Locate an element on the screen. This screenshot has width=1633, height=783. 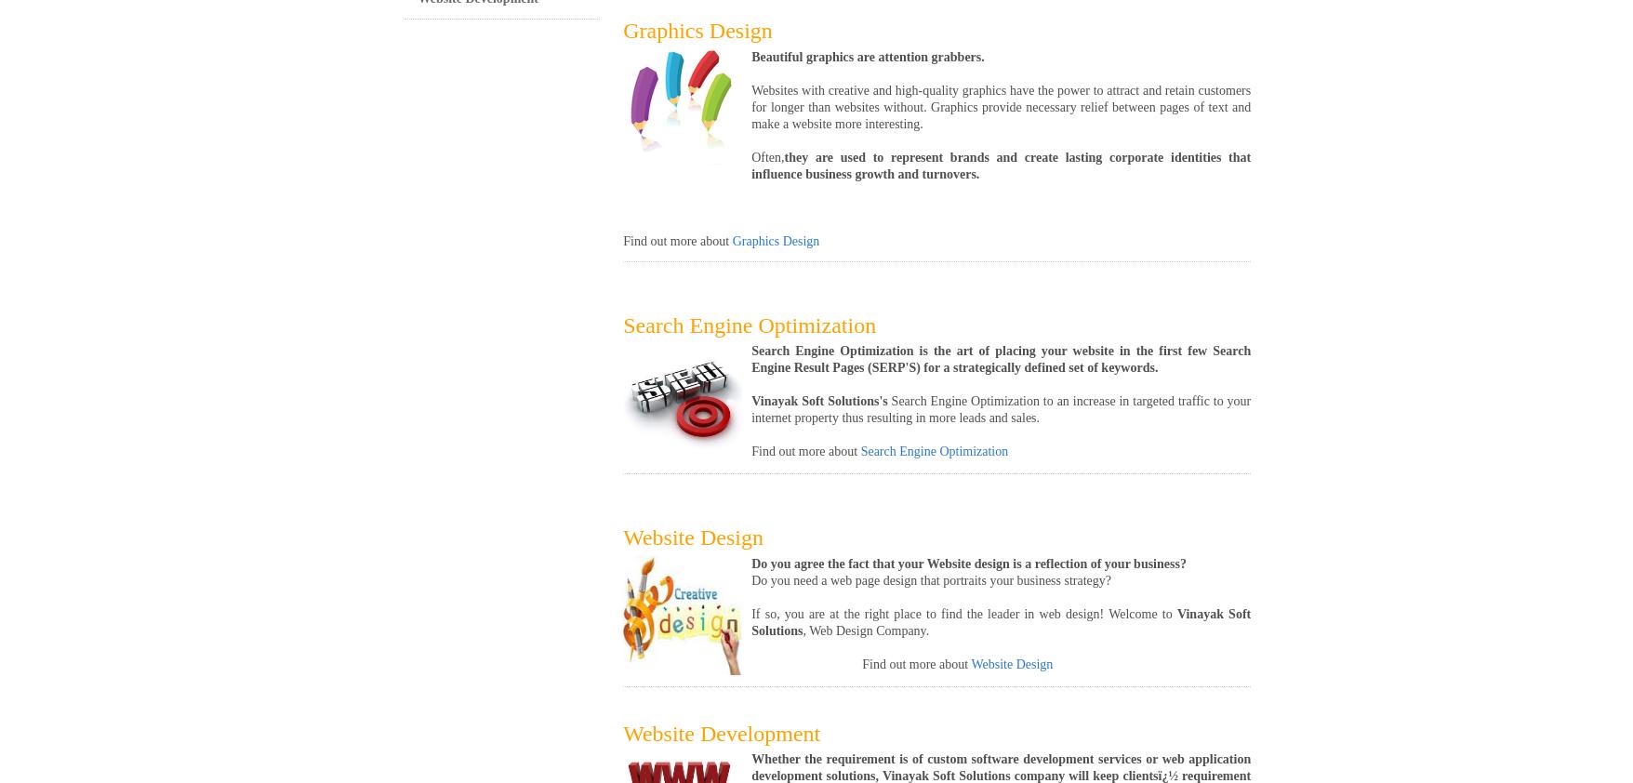
'Do you need a web page design that portraits your business strategy?' is located at coordinates (930, 578).